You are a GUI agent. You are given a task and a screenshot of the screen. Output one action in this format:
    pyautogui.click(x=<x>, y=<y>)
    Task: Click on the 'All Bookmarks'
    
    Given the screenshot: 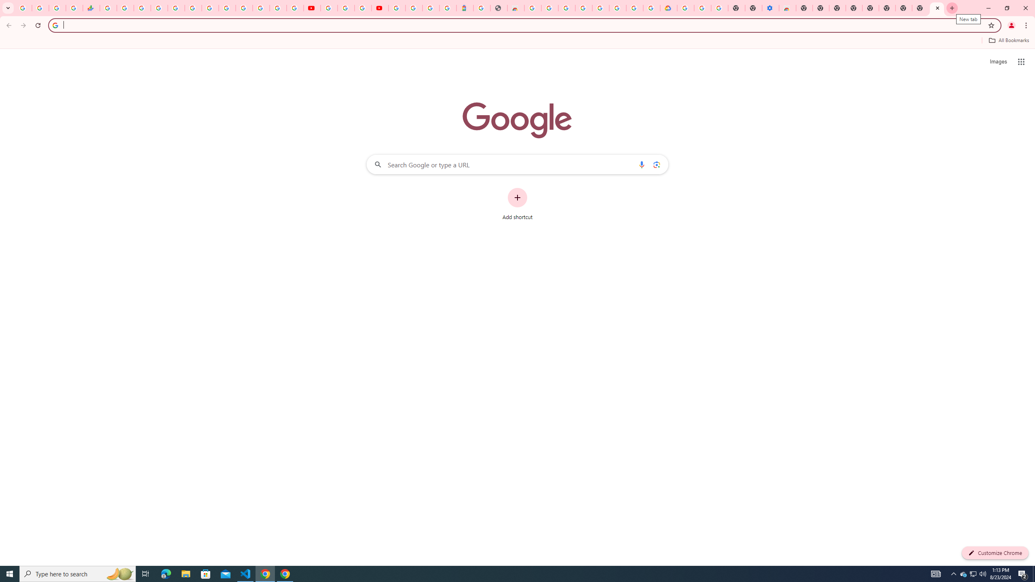 What is the action you would take?
    pyautogui.click(x=1008, y=40)
    